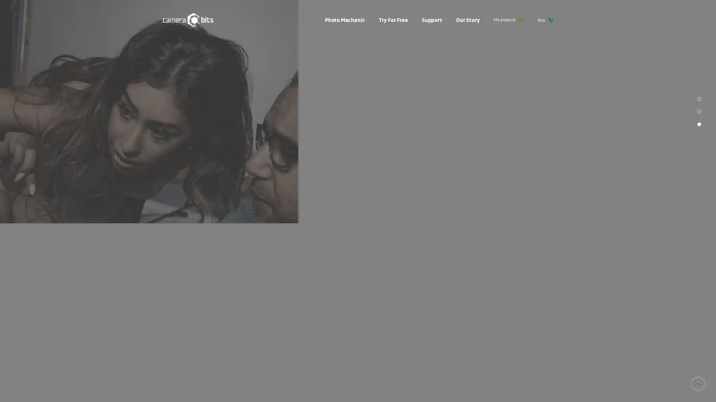  What do you see at coordinates (699, 188) in the screenshot?
I see `1` at bounding box center [699, 188].